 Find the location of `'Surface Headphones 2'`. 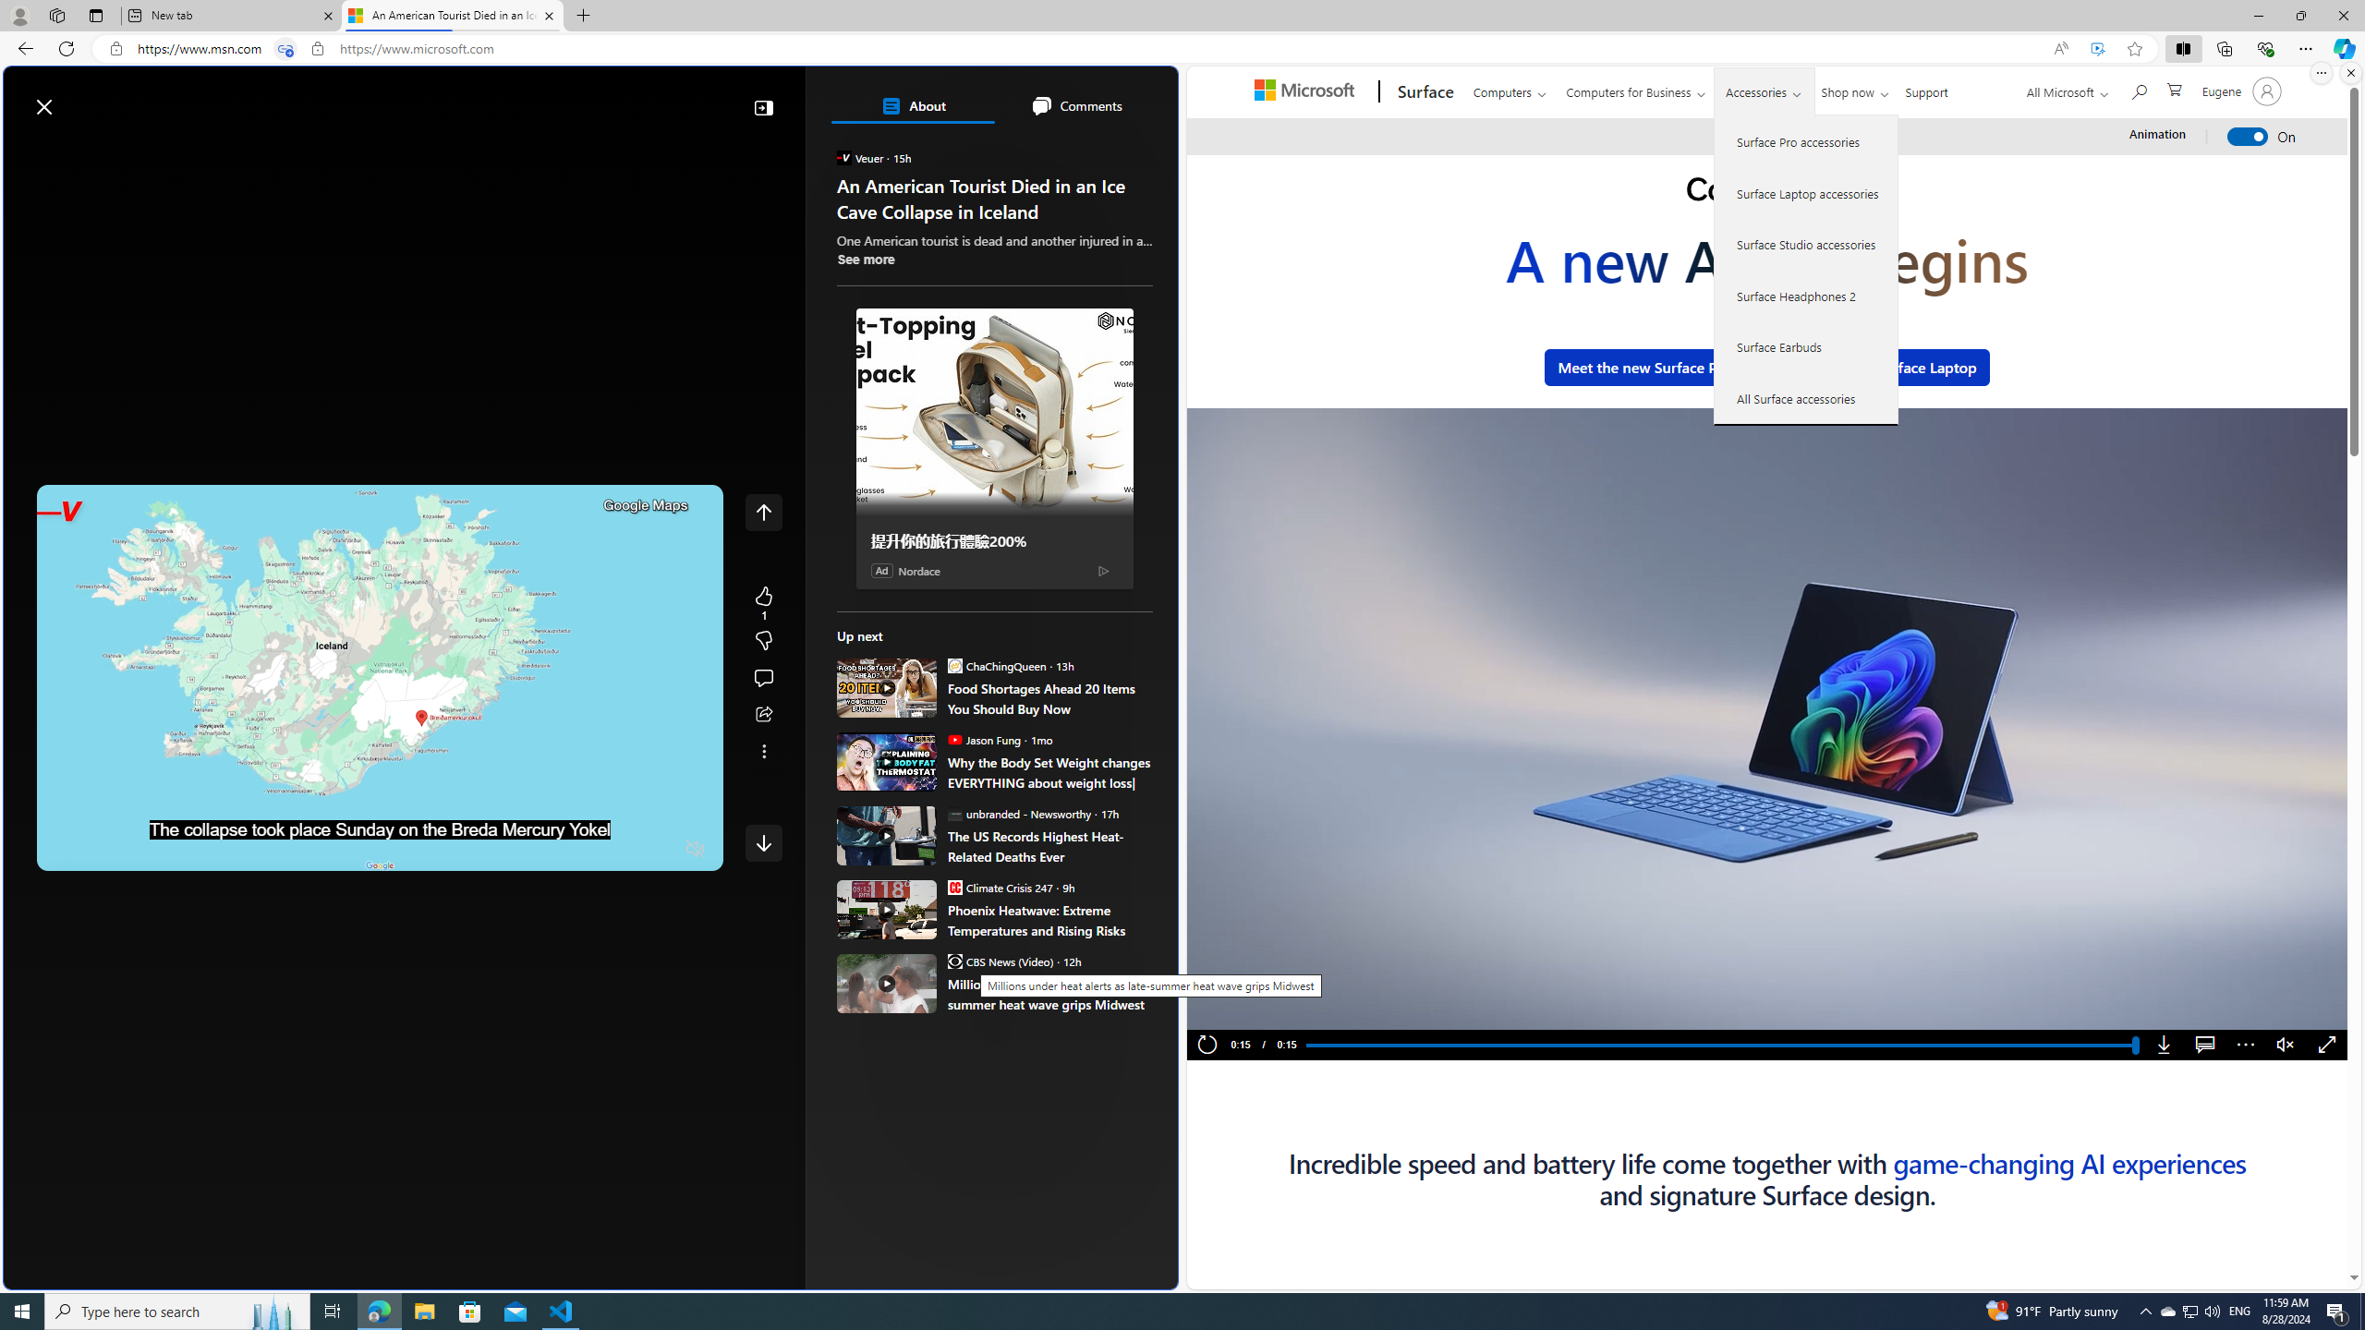

'Surface Headphones 2' is located at coordinates (1805, 295).